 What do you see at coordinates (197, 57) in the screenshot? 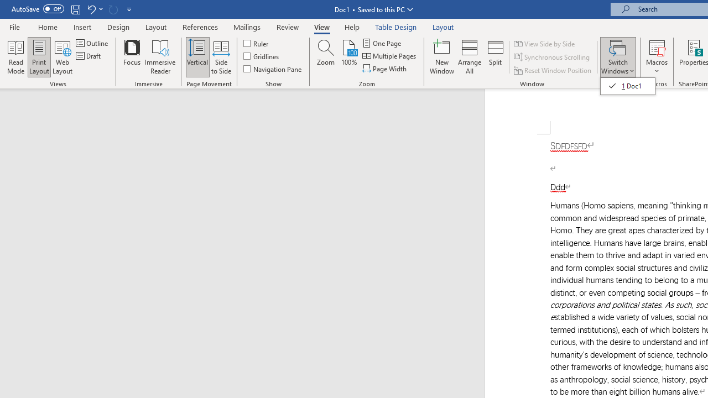
I see `'Vertical'` at bounding box center [197, 57].